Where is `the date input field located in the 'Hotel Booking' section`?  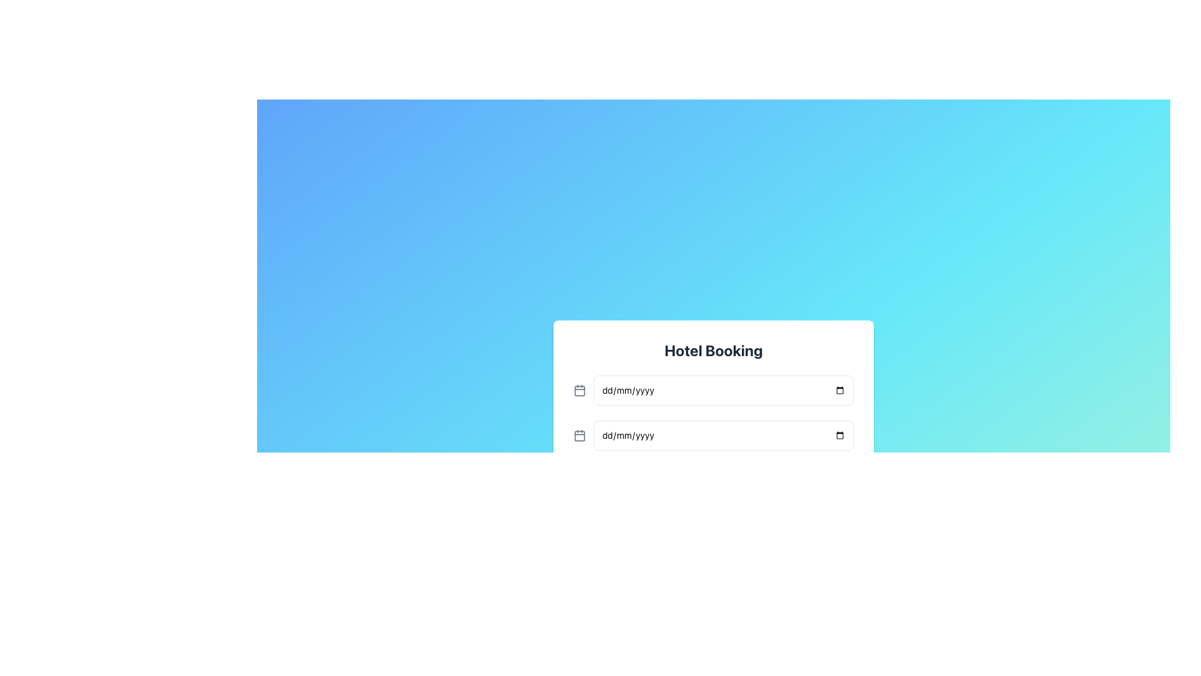
the date input field located in the 'Hotel Booking' section is located at coordinates (714, 454).